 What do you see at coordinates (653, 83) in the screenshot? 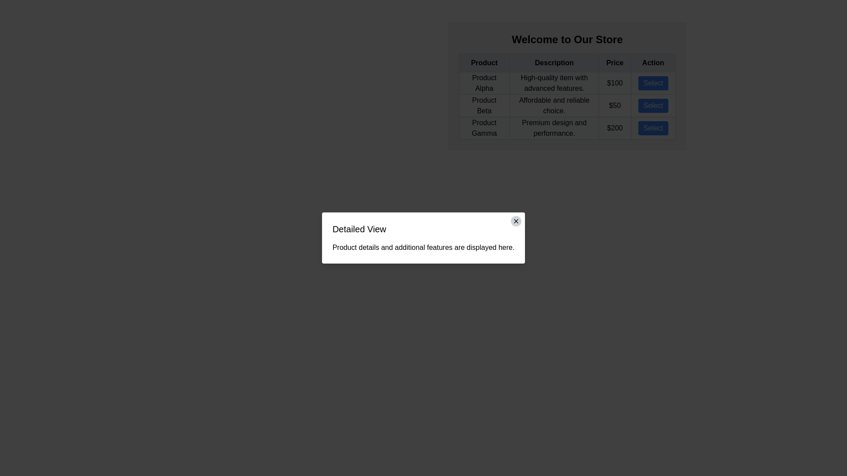
I see `the blue 'Select' button with white text in the 'Action' column of the table for 'Product Alpha'` at bounding box center [653, 83].